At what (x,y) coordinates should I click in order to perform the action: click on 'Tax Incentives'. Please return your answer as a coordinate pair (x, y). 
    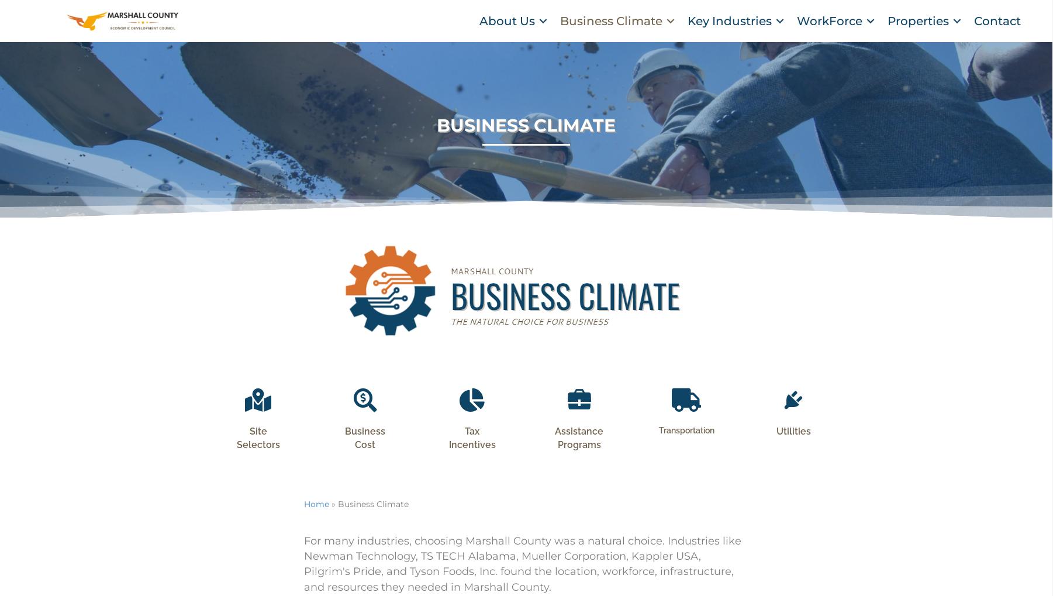
    Looking at the image, I should click on (448, 452).